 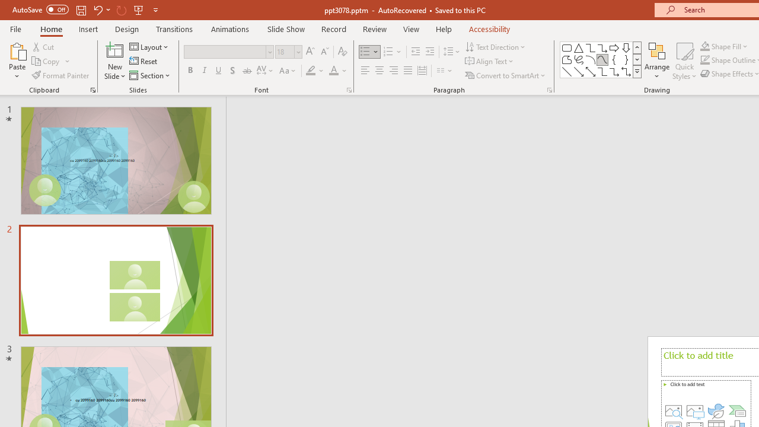 I want to click on 'Stock Images', so click(x=674, y=410).